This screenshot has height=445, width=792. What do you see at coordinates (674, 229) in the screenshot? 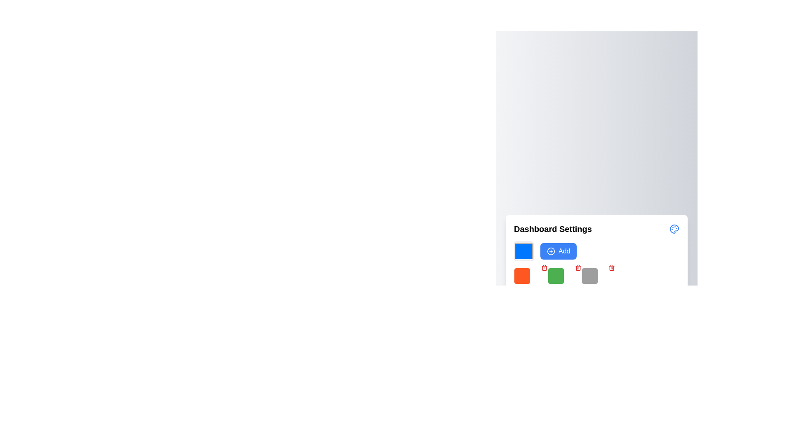
I see `the blue circular palette icon with colorful dots located in the top-right corner of the 'Dashboard Settings' section` at bounding box center [674, 229].